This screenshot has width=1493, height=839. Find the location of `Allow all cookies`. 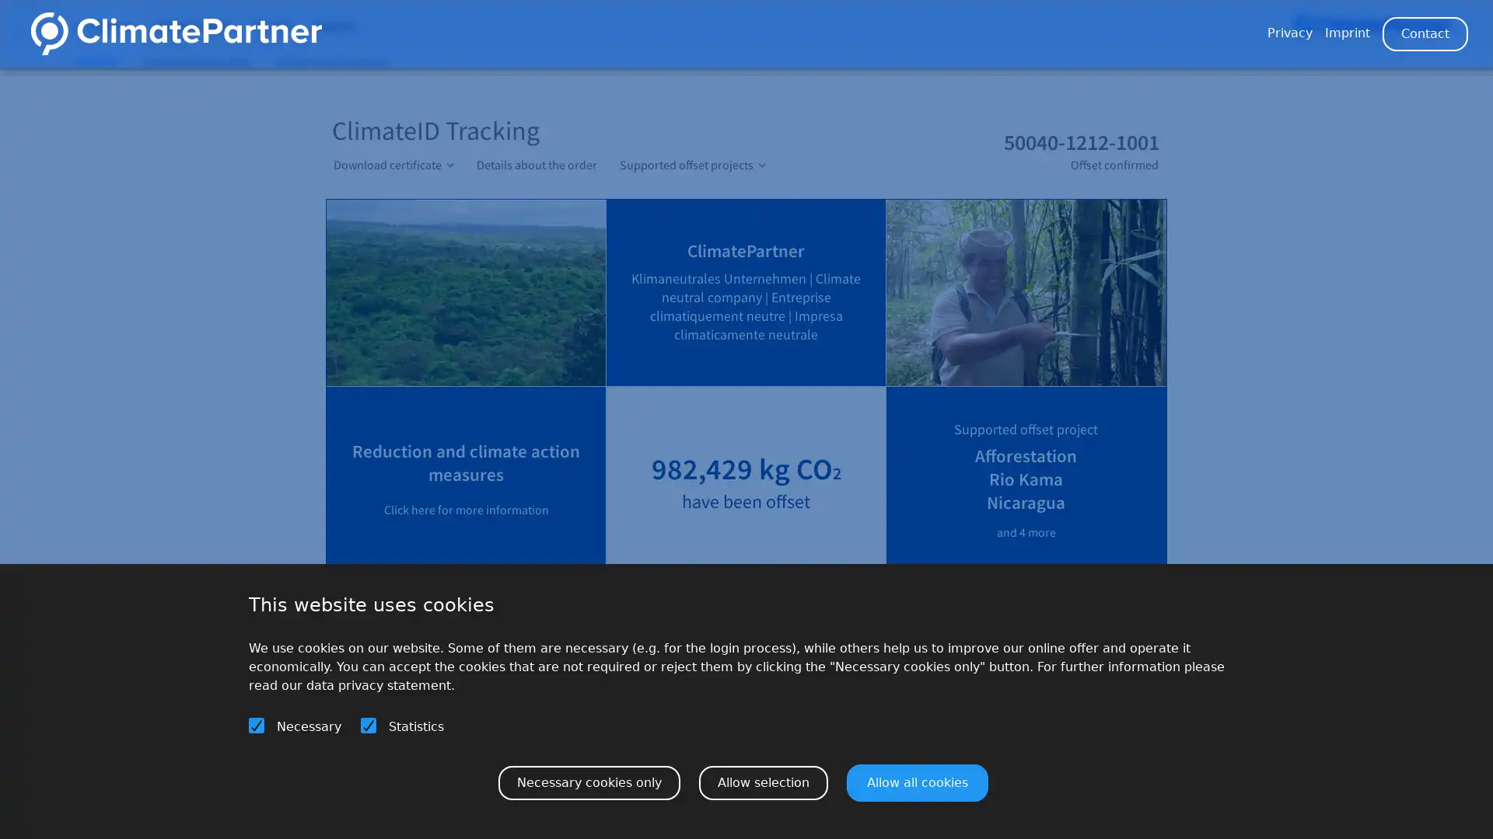

Allow all cookies is located at coordinates (918, 782).